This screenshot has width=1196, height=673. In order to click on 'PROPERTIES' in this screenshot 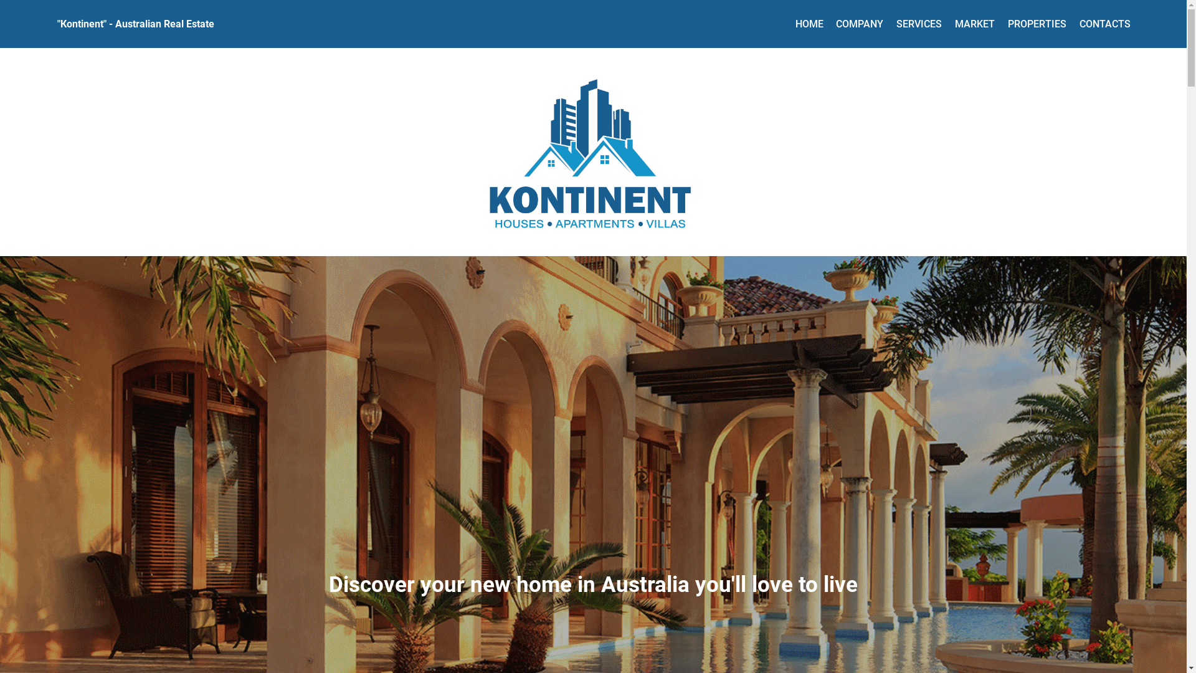, I will do `click(1037, 24)`.